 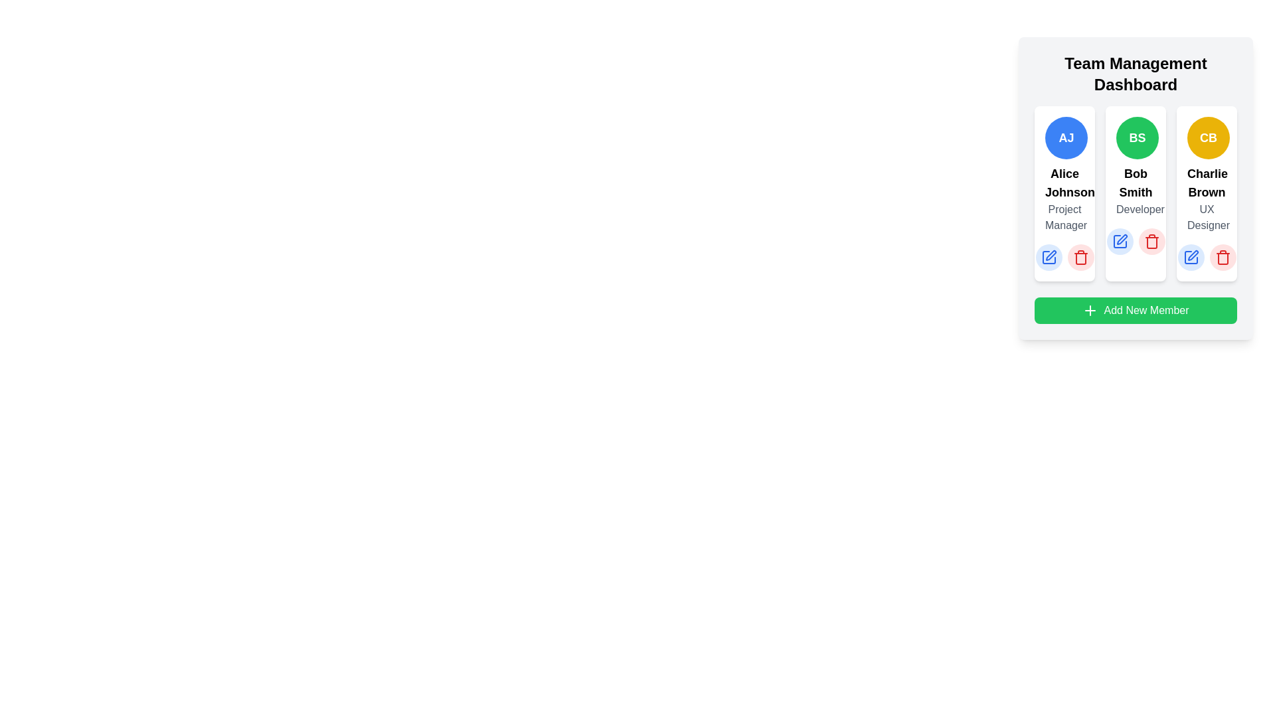 I want to click on the Text label displaying 'Project Manager', which is styled in gray font and positioned below 'Alice Johnson' in the Team Management Dashboard, so click(x=1064, y=216).